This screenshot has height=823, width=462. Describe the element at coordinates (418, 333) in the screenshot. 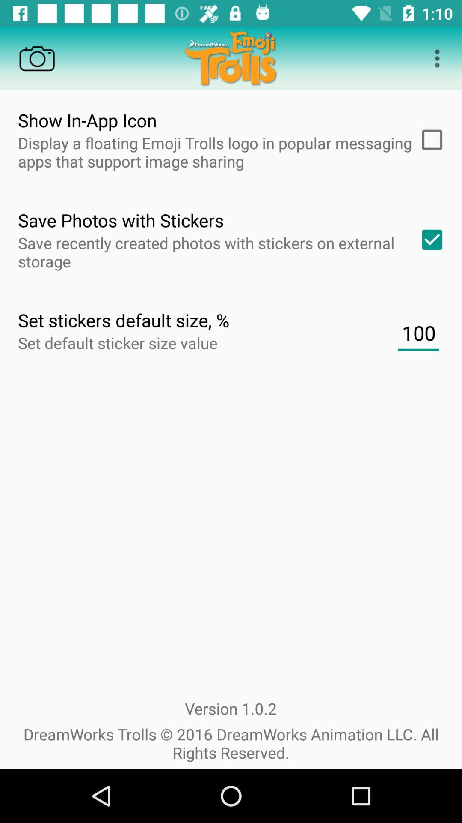

I see `icon above dreamworks trolls 2016` at that location.